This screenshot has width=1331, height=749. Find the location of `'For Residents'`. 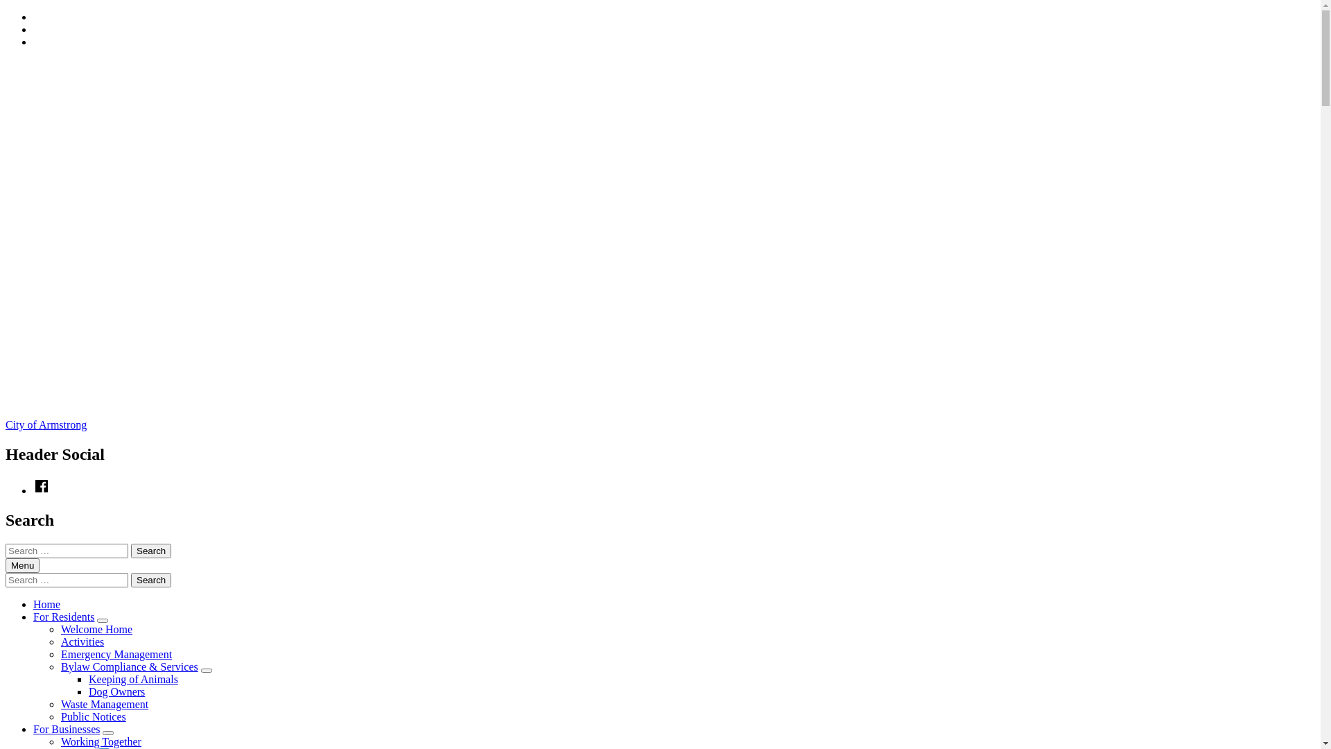

'For Residents' is located at coordinates (62, 616).